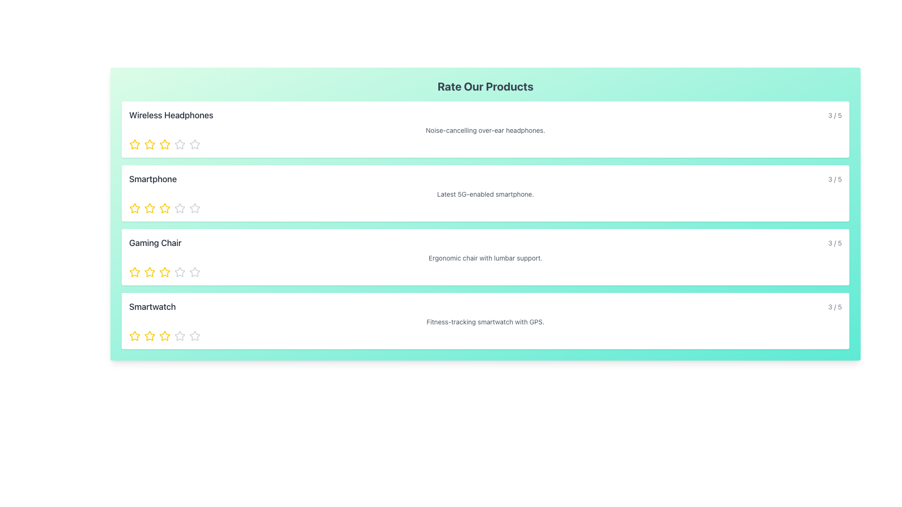  Describe the element at coordinates (134, 145) in the screenshot. I see `the first star in the rating system under the product name 'Wireless Headphones' to change the rating` at that location.